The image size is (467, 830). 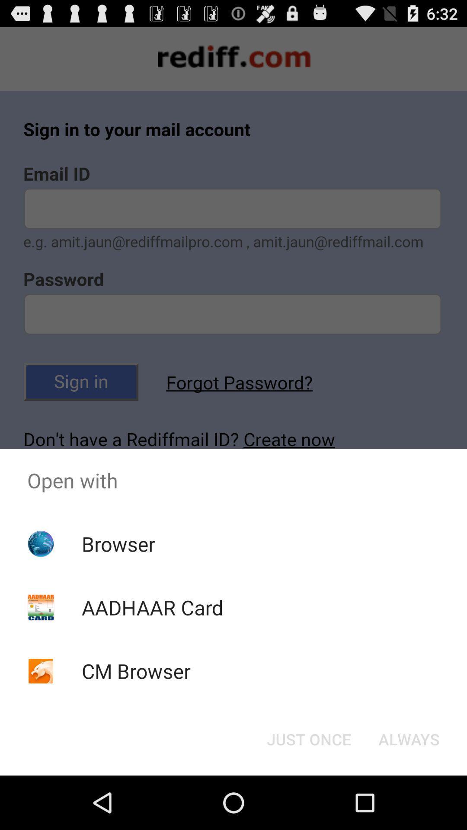 What do you see at coordinates (152, 607) in the screenshot?
I see `the item below the browser item` at bounding box center [152, 607].